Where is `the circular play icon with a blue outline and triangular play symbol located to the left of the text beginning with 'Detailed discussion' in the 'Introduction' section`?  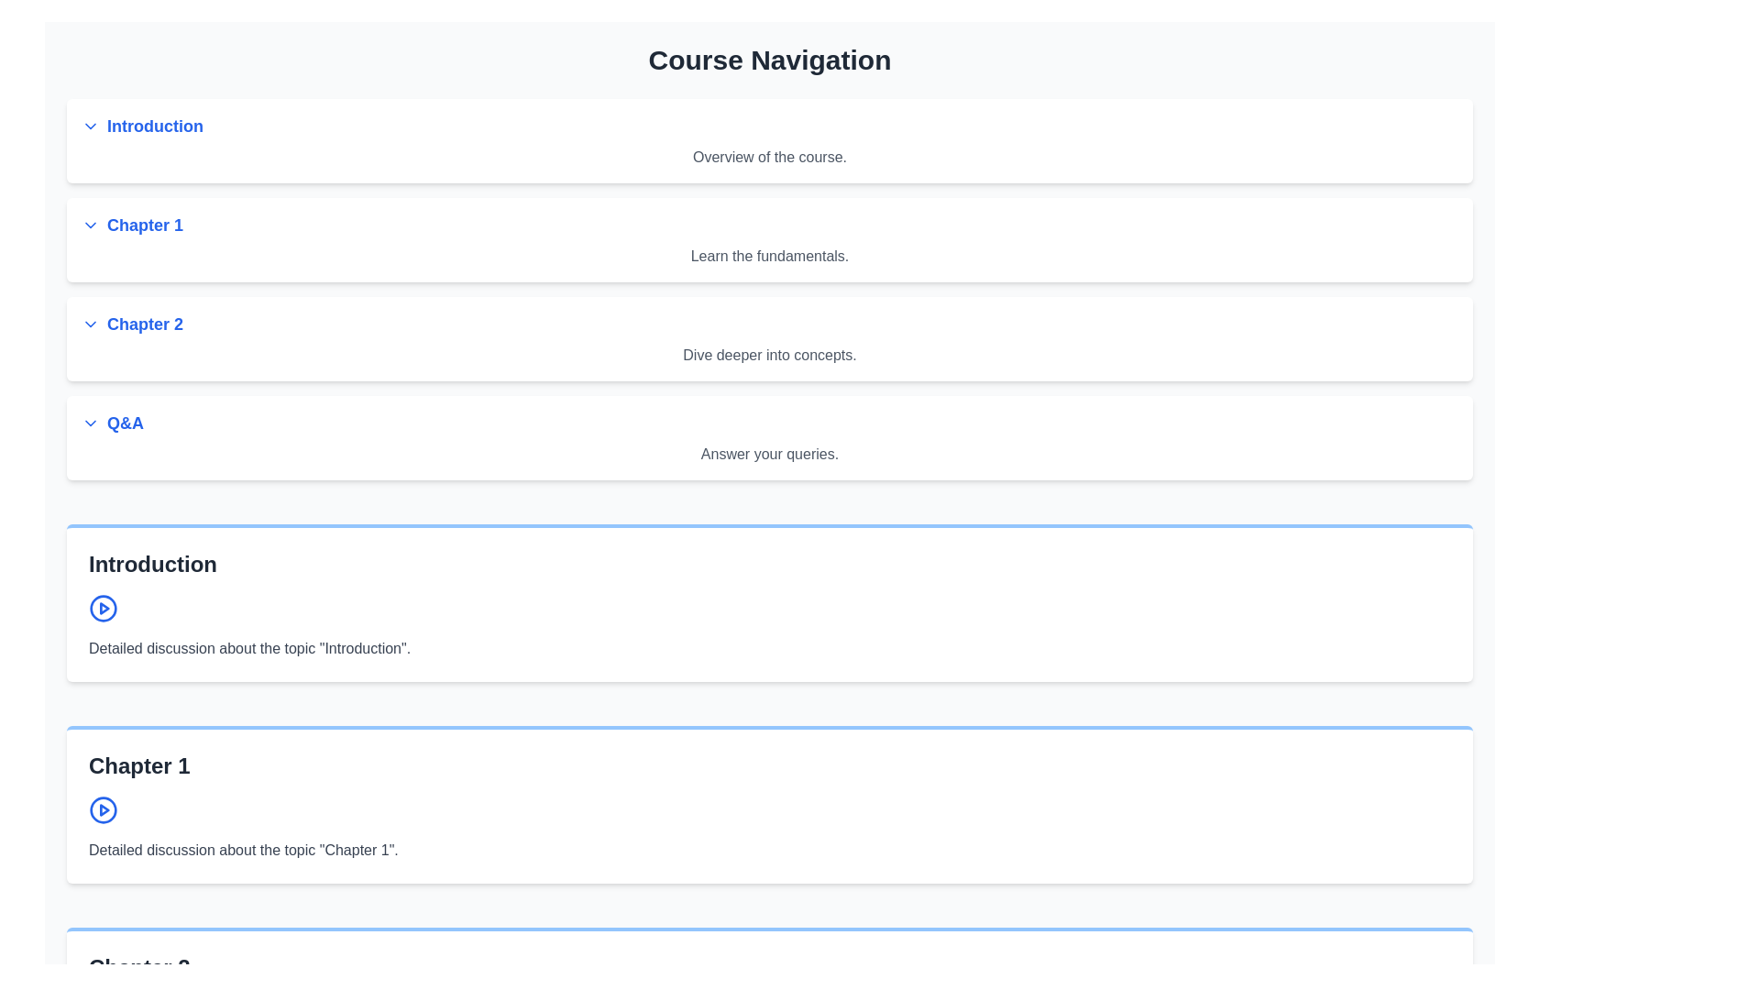
the circular play icon with a blue outline and triangular play symbol located to the left of the text beginning with 'Detailed discussion' in the 'Introduction' section is located at coordinates (103, 608).